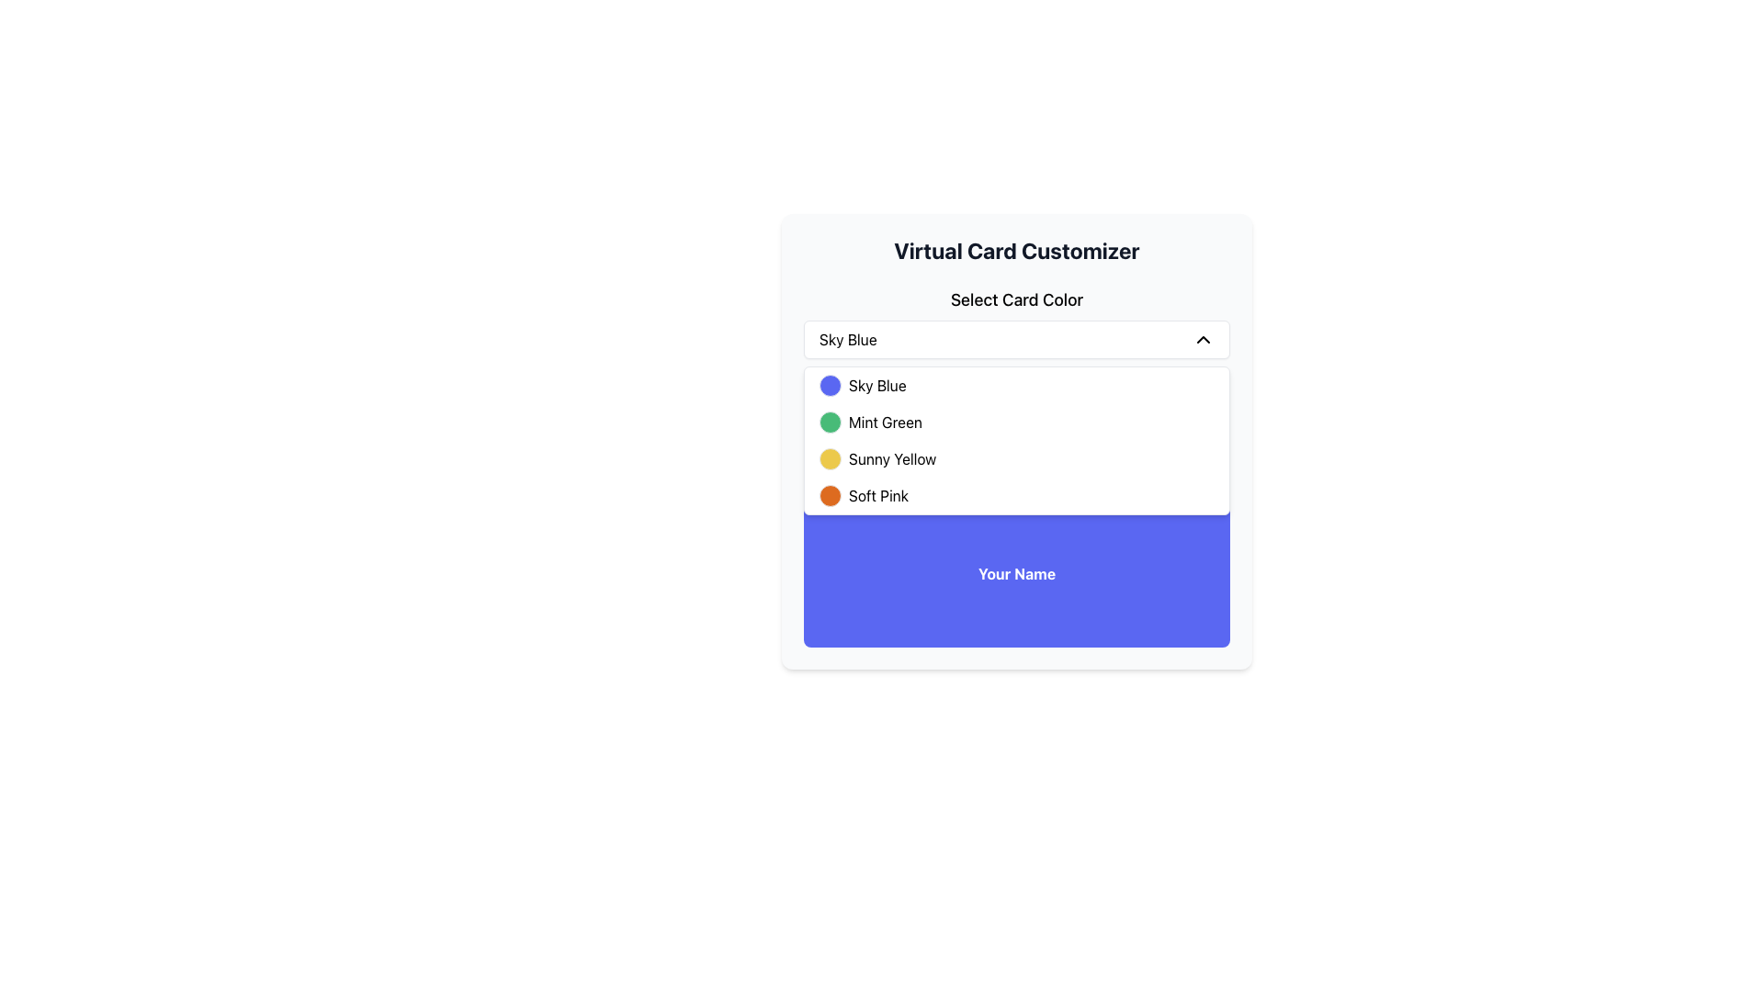 Image resolution: width=1764 pixels, height=992 pixels. I want to click on the 'Sky Blue' text label in the dropdown menu, which is located to the right of the blue circular icon, as part of the first option in a vertical stack of color choices, so click(876, 385).